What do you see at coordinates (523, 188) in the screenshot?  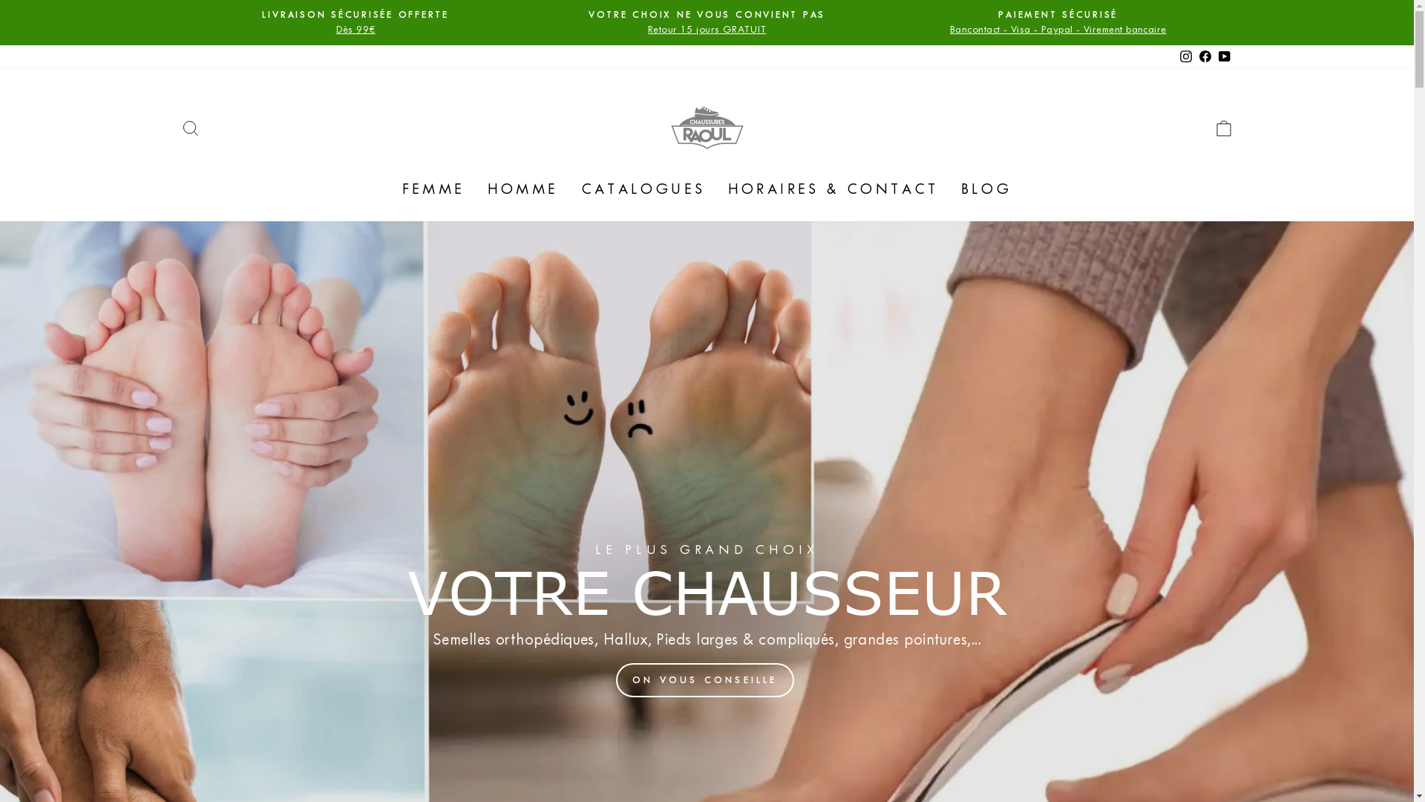 I see `'HOMME'` at bounding box center [523, 188].